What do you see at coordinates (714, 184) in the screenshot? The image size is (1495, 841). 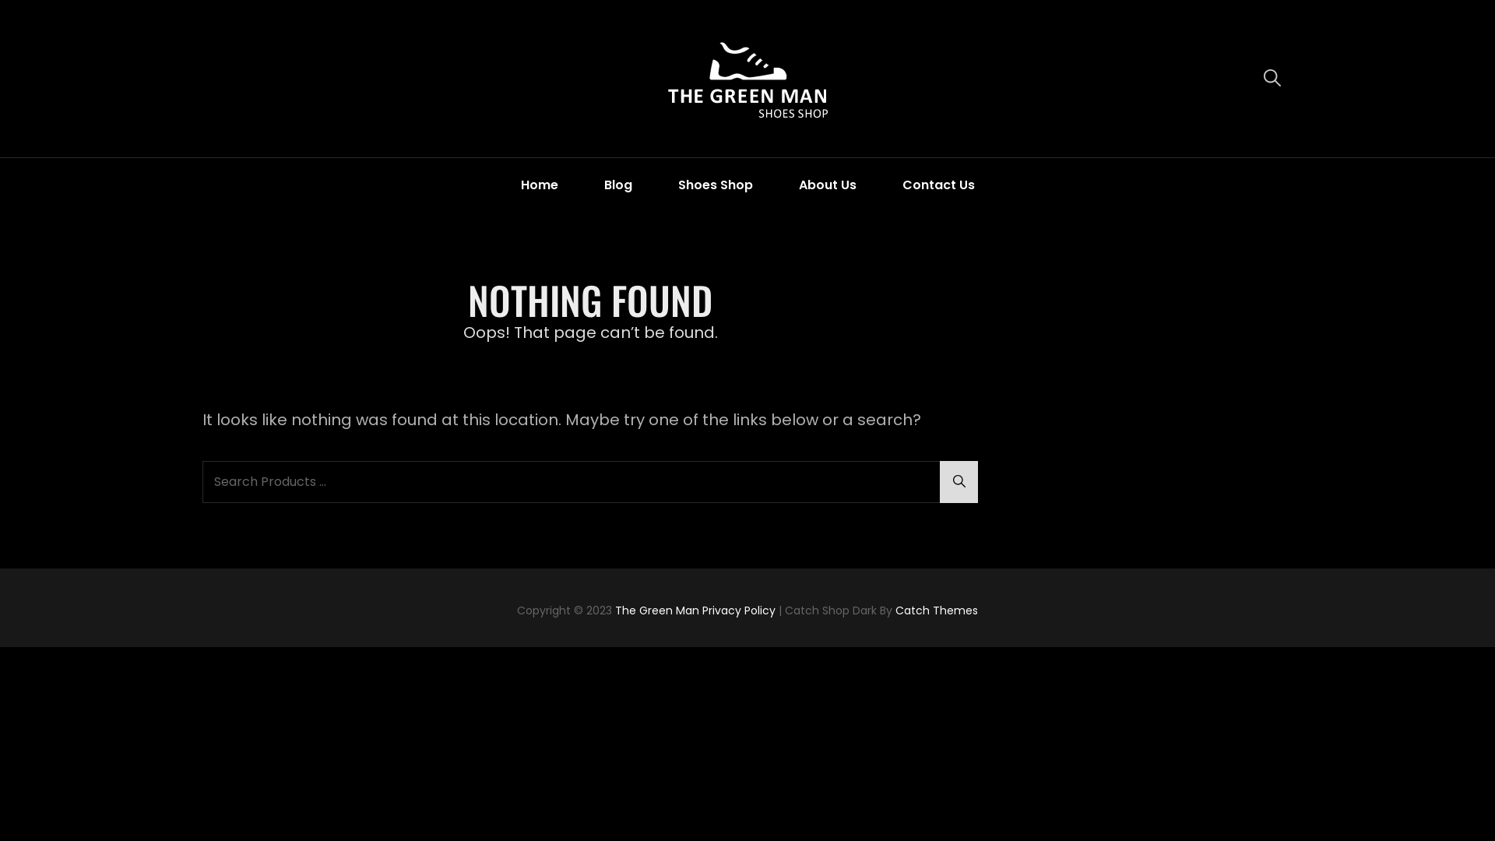 I see `'Shoes Shop'` at bounding box center [714, 184].